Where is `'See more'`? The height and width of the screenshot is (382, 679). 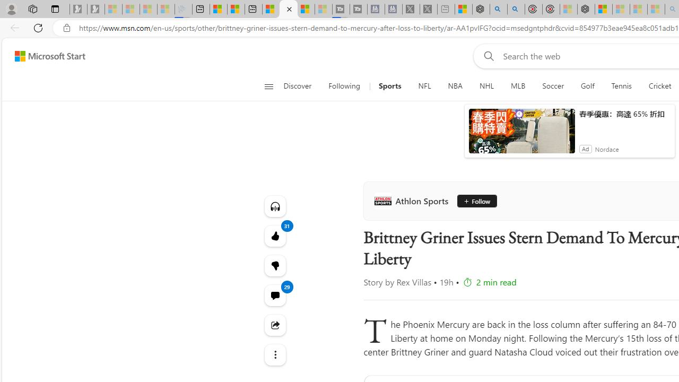 'See more' is located at coordinates (275, 354).